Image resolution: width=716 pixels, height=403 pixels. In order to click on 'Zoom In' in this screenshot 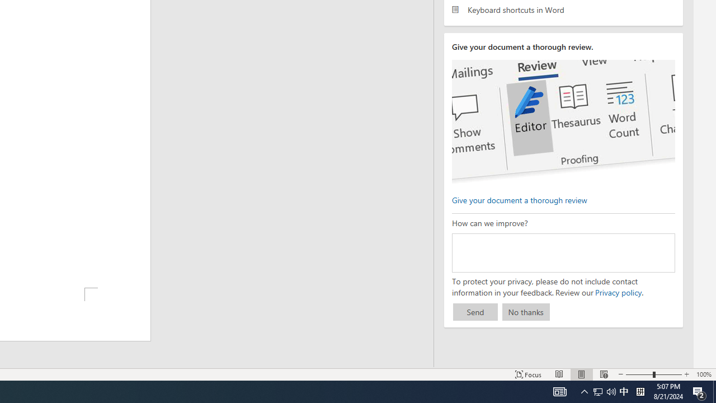, I will do `click(686, 374)`.